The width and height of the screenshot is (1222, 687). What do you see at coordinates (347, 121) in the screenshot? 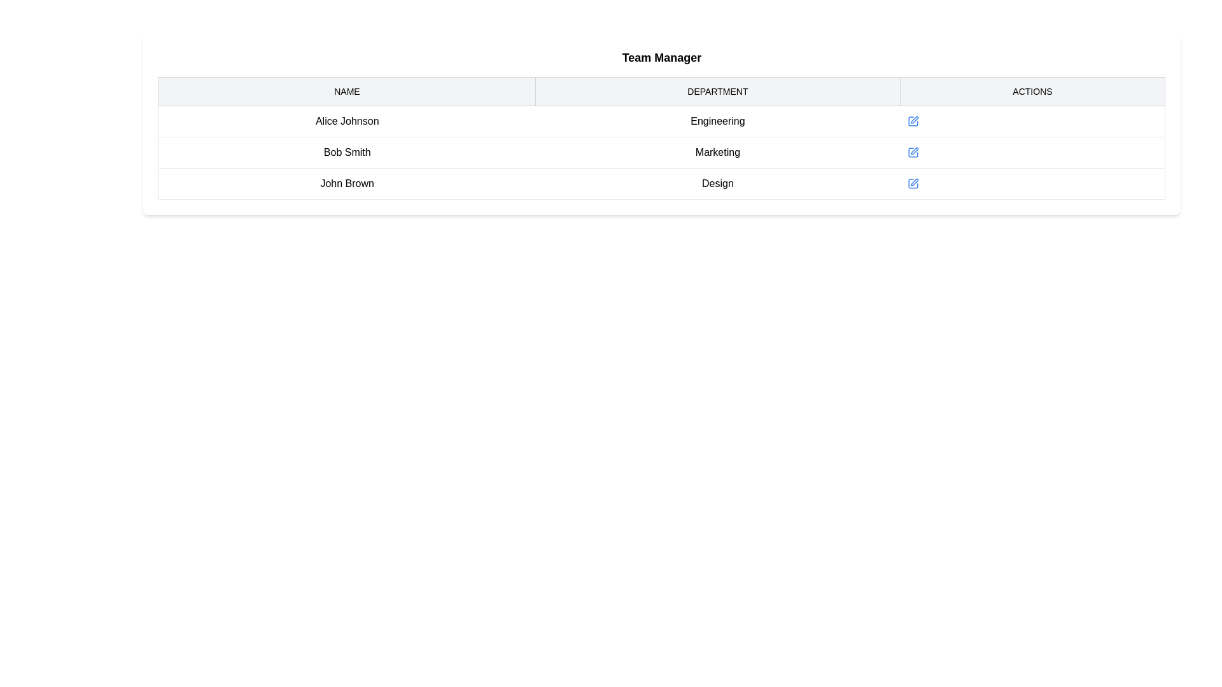
I see `the text label displaying 'Alice Johnson' which is the first item in the 'Name' column of the table` at bounding box center [347, 121].